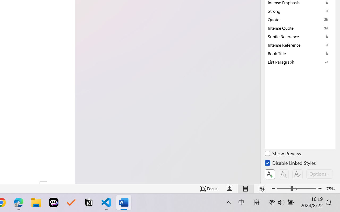 The height and width of the screenshot is (212, 340). I want to click on 'Class: NetUIButton', so click(297, 174).